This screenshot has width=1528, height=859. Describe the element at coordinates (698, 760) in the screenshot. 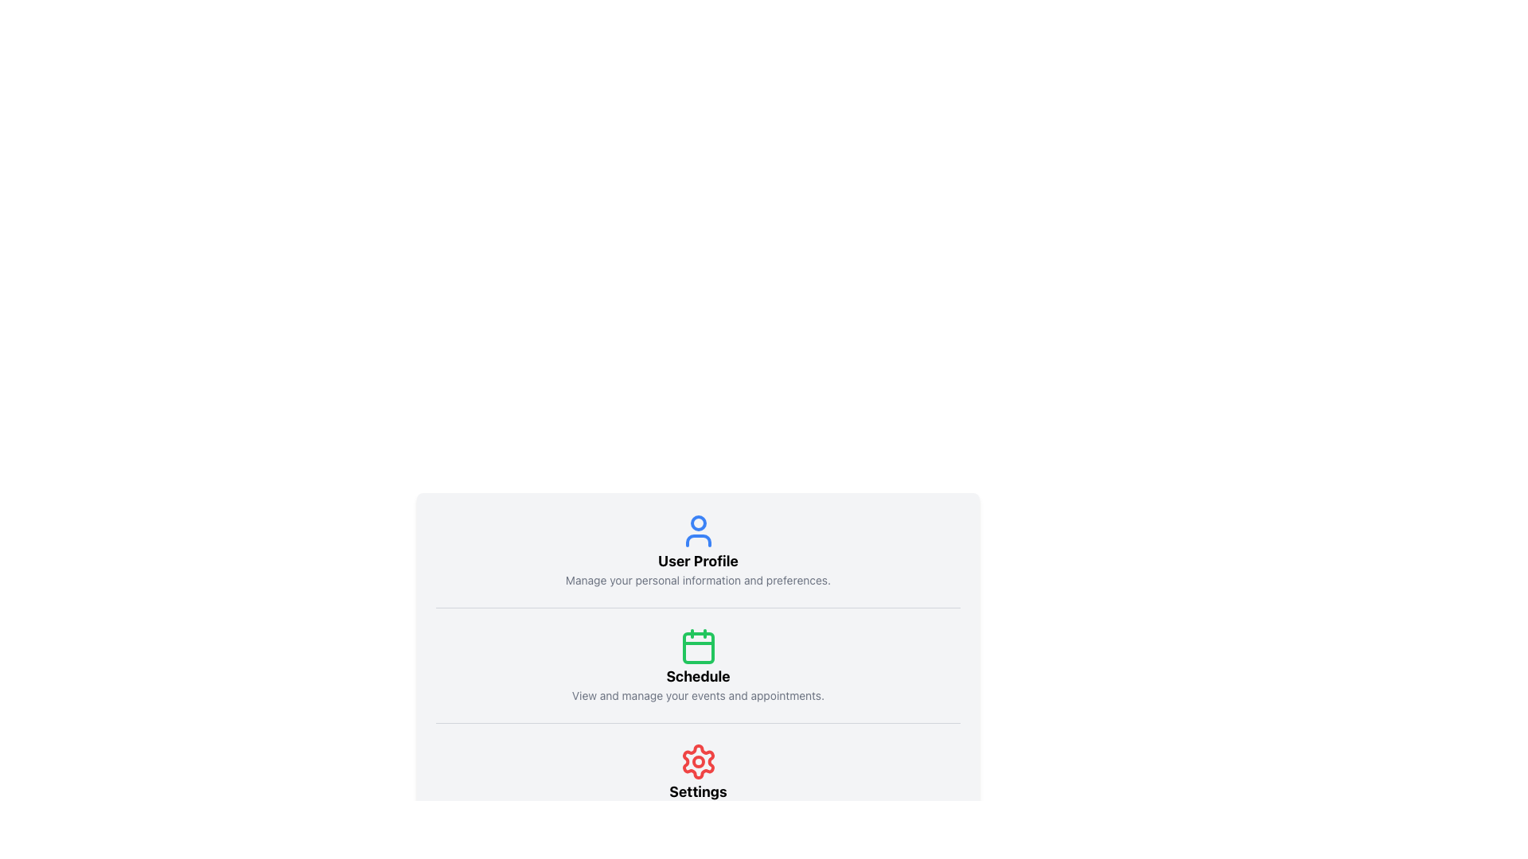

I see `the red gear icon that symbolizes settings, located below the 'Settings' text in the third section of a column-like layout` at that location.